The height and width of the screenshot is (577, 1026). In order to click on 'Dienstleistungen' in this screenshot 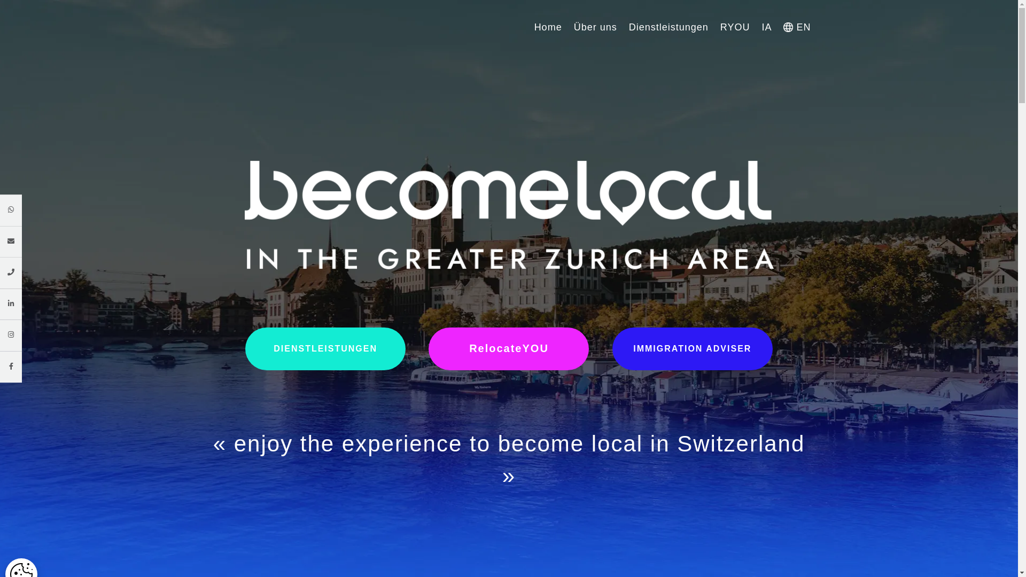, I will do `click(668, 26)`.